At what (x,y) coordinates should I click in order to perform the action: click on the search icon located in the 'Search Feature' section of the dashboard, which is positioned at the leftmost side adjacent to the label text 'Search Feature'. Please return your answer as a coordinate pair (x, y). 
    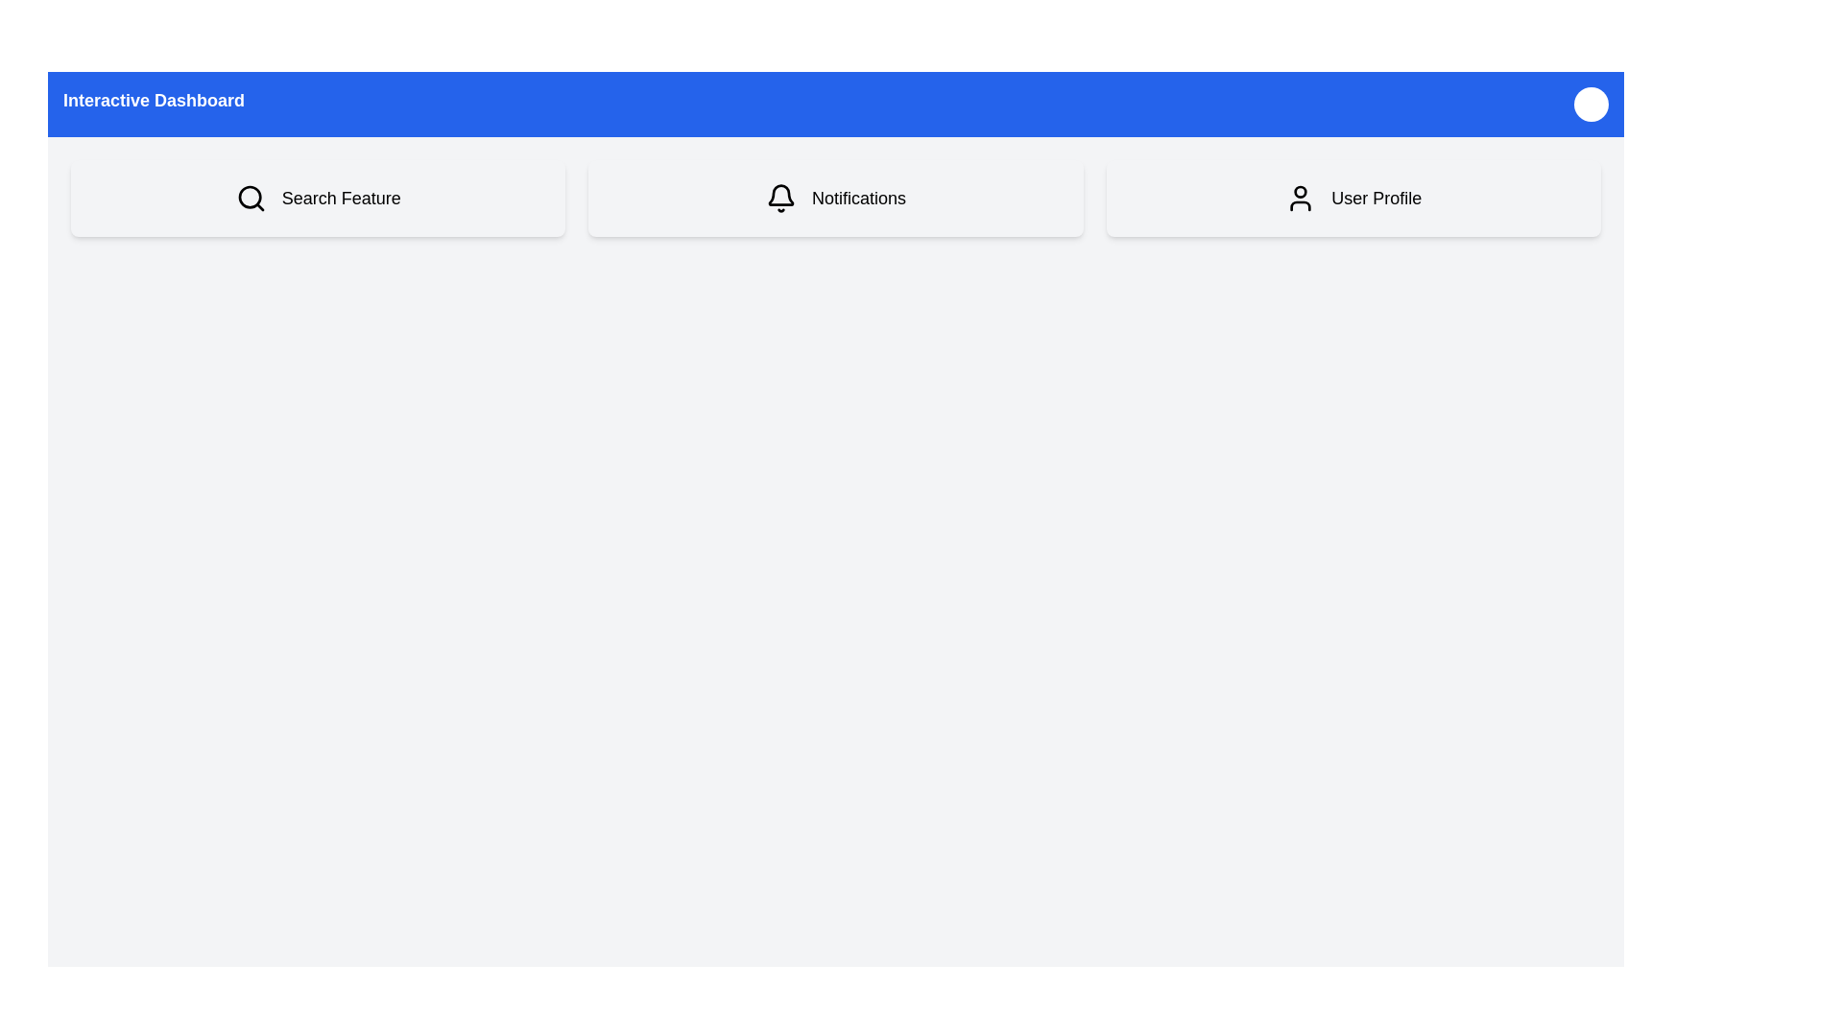
    Looking at the image, I should click on (250, 199).